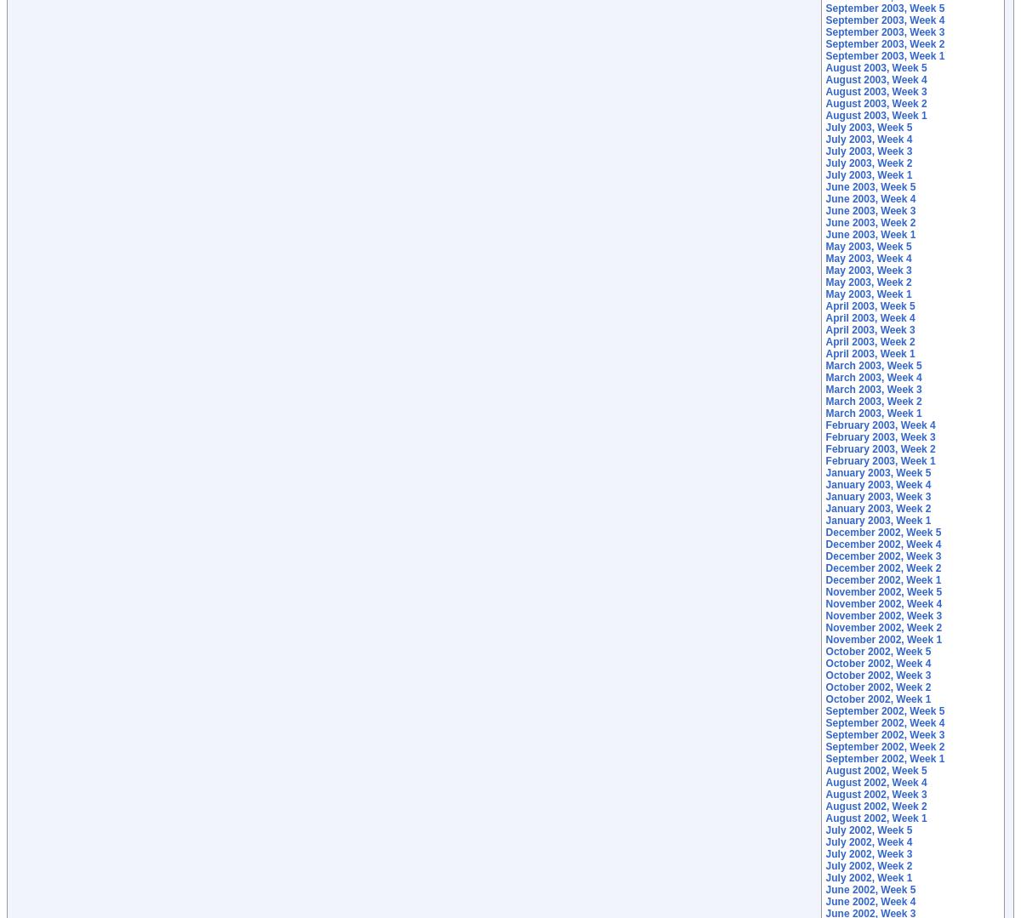 The image size is (1021, 918). I want to click on 'January 2003, Week 1', so click(878, 521).